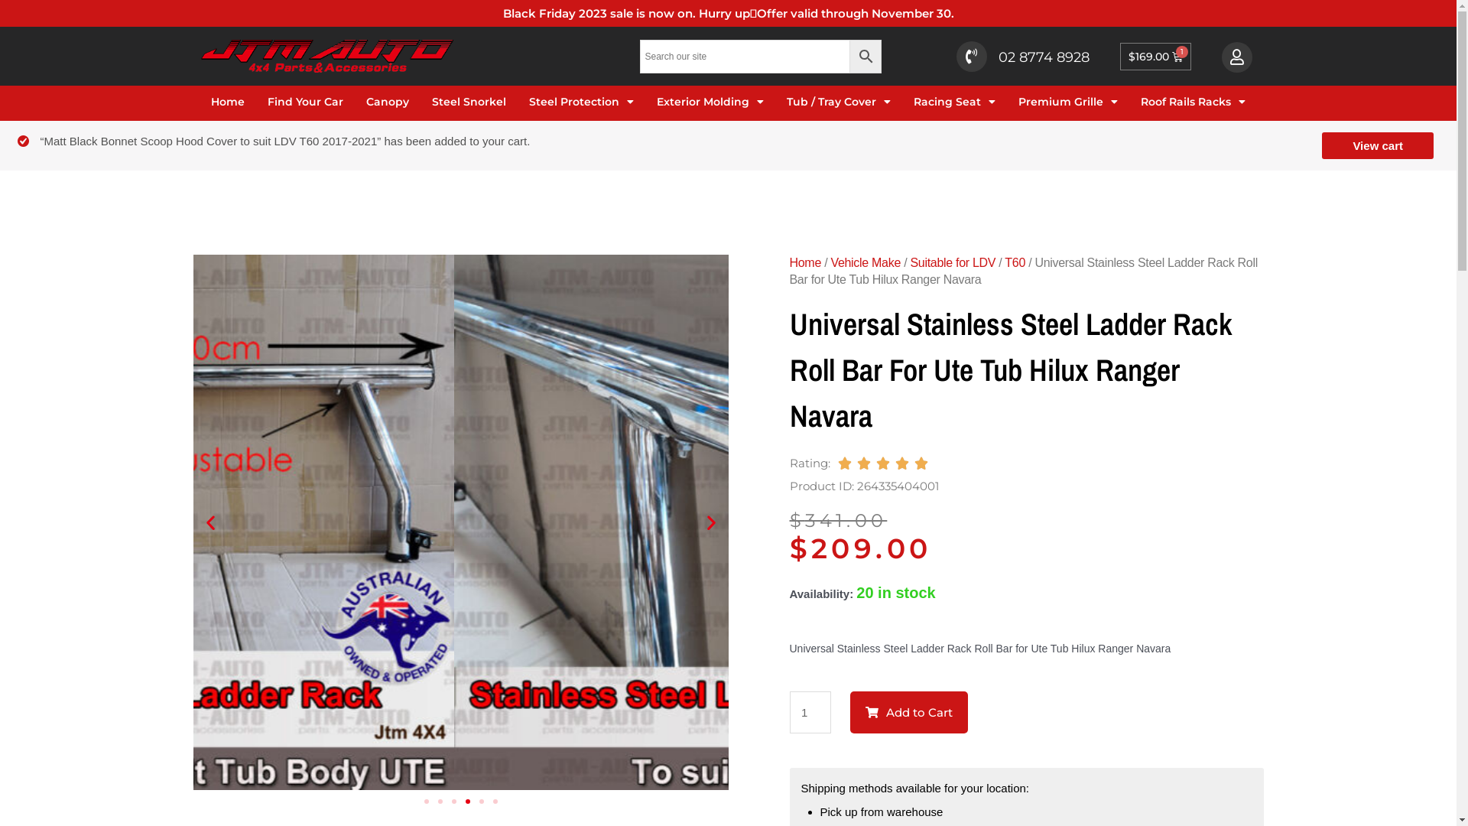 The height and width of the screenshot is (826, 1468). Describe the element at coordinates (1155, 55) in the screenshot. I see `'$169.00` at that location.